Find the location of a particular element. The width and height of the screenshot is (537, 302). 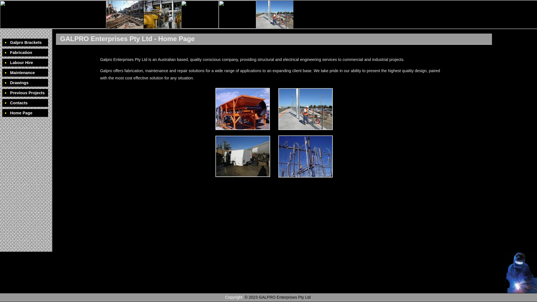

'Drawings' is located at coordinates (25, 83).